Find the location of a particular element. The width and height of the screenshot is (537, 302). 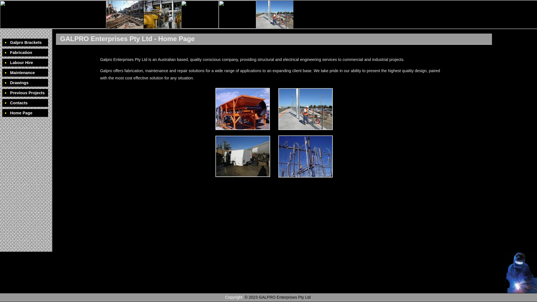

'Drawings' is located at coordinates (25, 83).